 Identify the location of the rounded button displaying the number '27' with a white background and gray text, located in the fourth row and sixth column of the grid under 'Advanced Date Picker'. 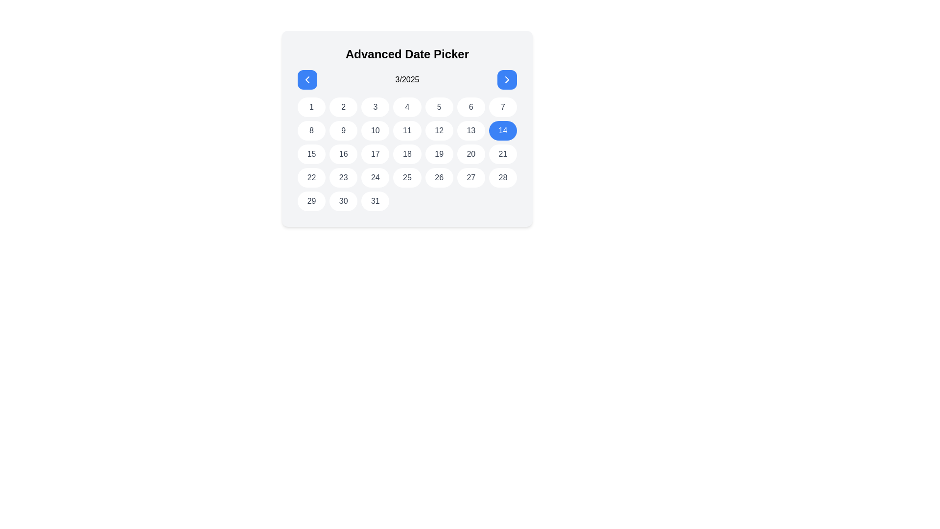
(471, 177).